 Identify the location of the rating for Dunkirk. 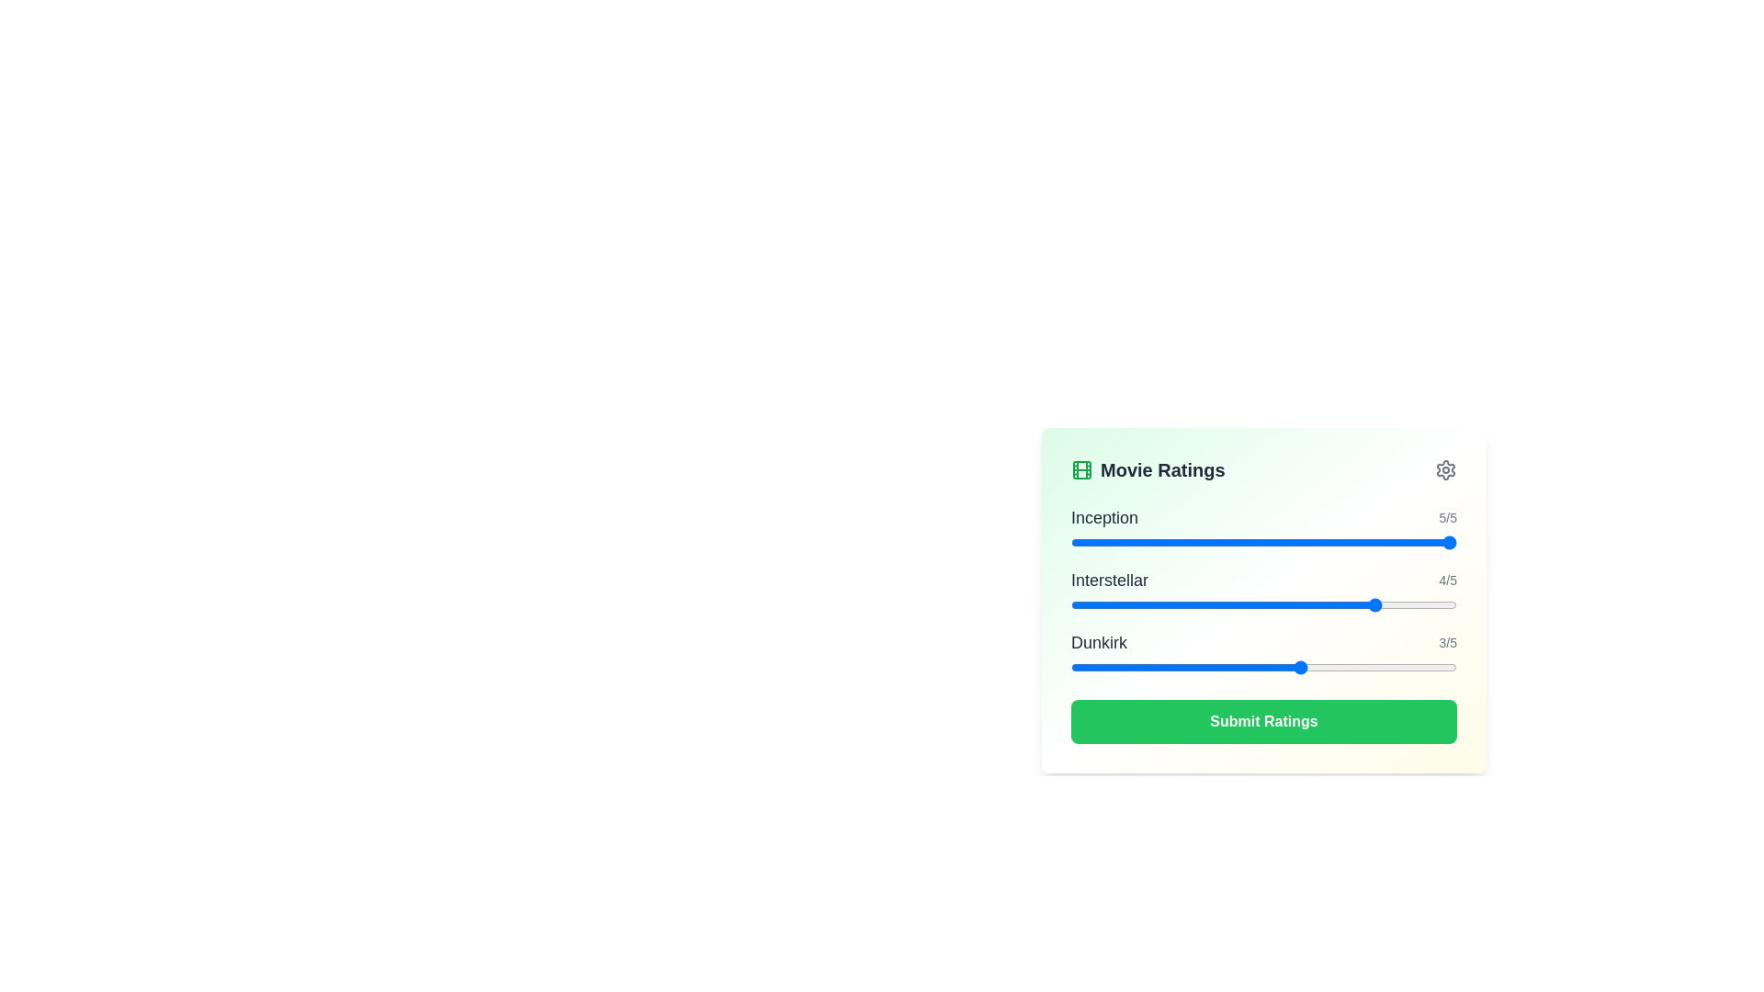
(1301, 667).